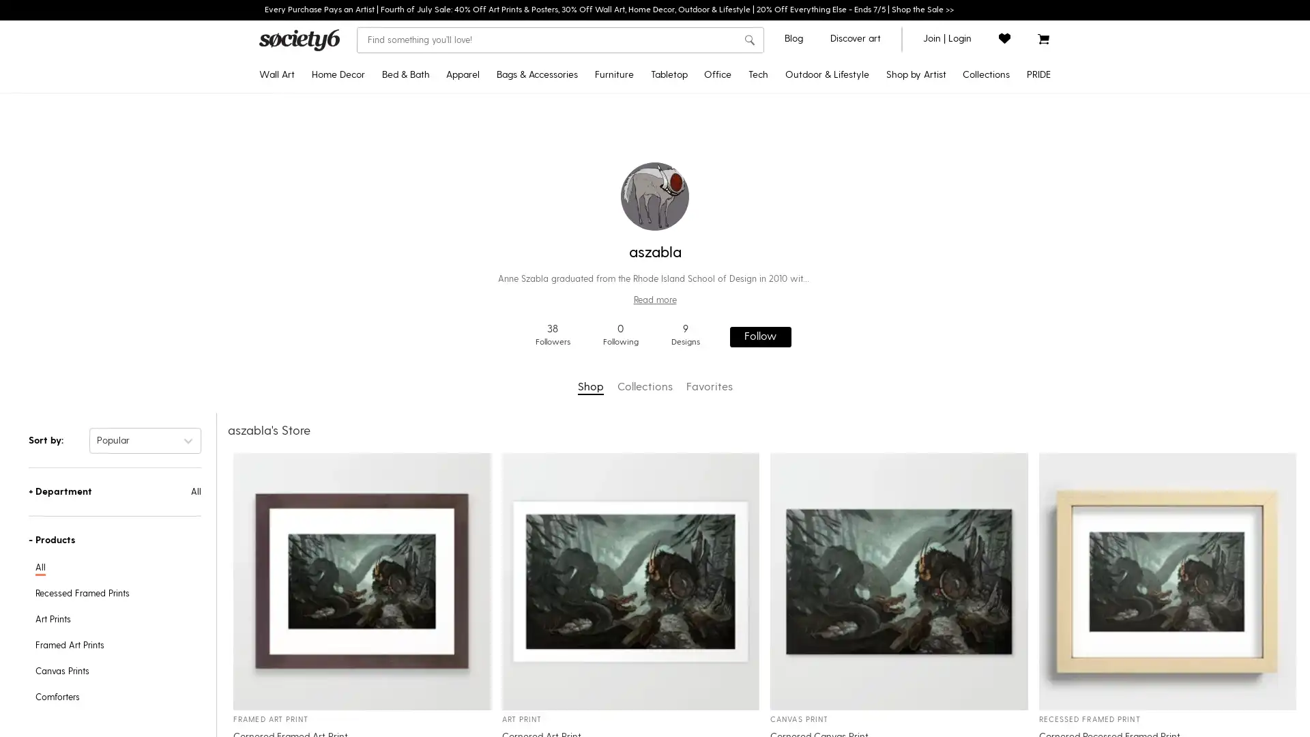 Image resolution: width=1310 pixels, height=737 pixels. I want to click on Clear search, so click(730, 39).